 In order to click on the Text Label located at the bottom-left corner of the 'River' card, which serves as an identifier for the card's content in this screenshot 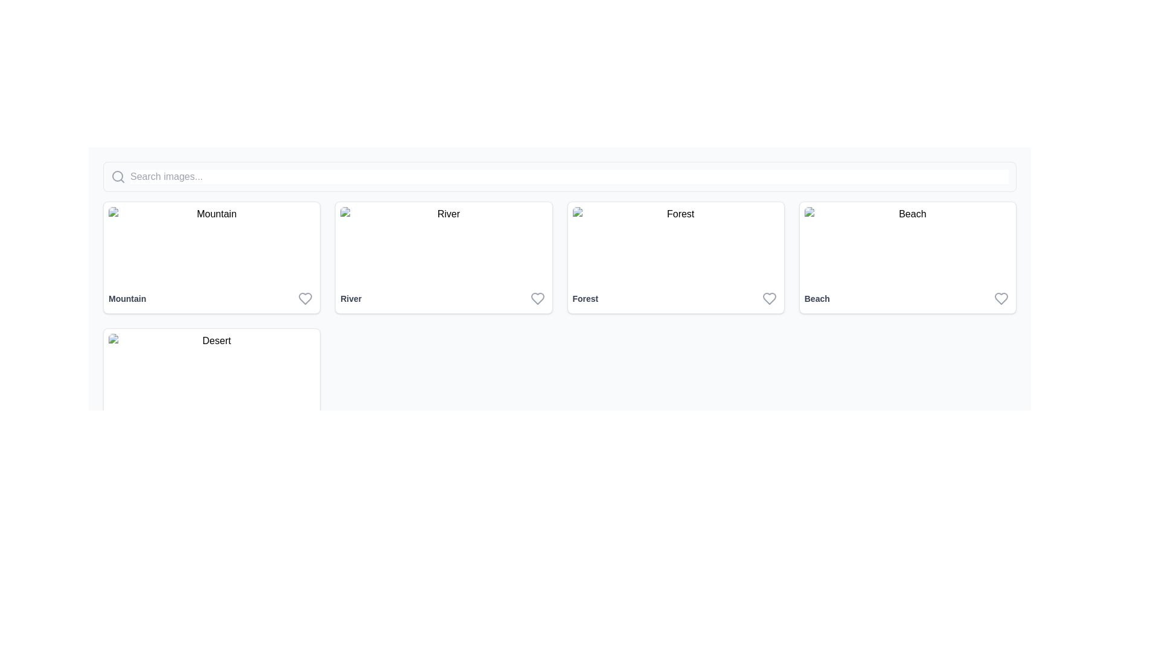, I will do `click(350, 298)`.